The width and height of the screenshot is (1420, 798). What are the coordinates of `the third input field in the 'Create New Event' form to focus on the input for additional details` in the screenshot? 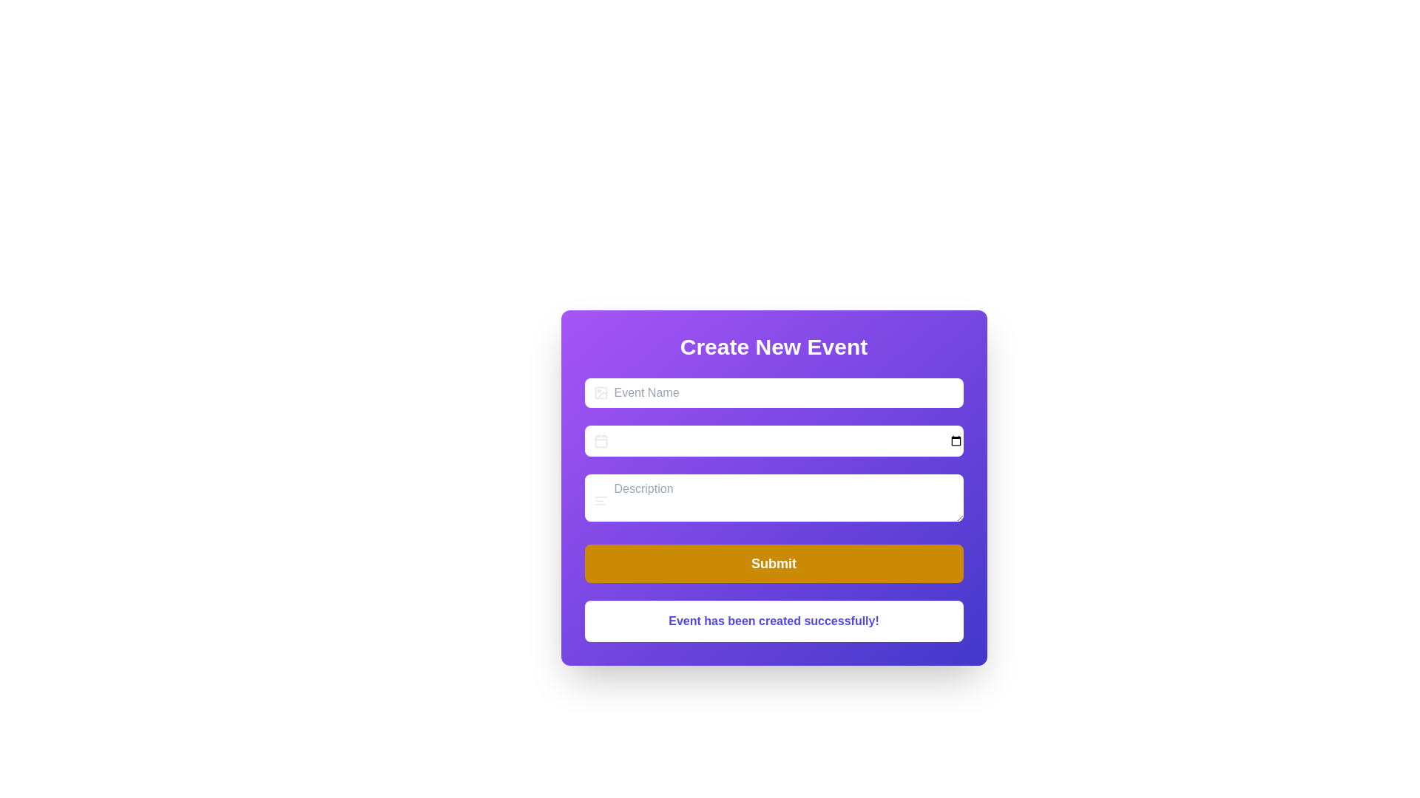 It's located at (773, 499).